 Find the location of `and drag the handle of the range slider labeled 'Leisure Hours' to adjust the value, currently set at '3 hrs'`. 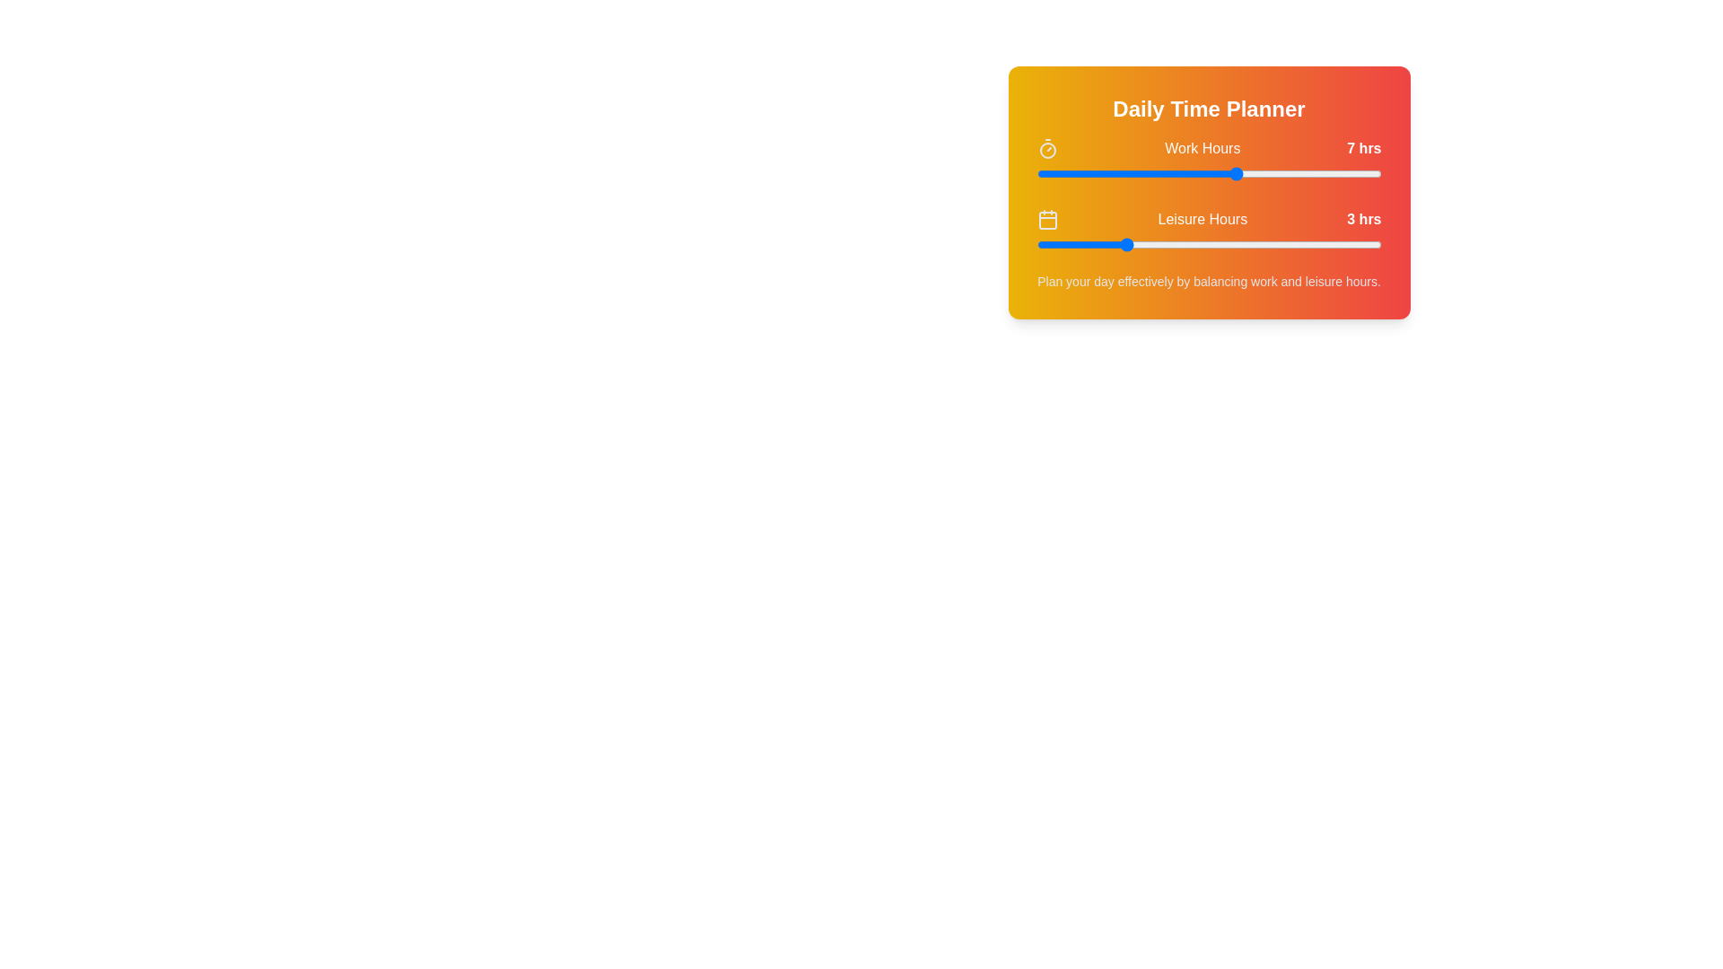

and drag the handle of the range slider labeled 'Leisure Hours' to adjust the value, currently set at '3 hrs' is located at coordinates (1209, 245).